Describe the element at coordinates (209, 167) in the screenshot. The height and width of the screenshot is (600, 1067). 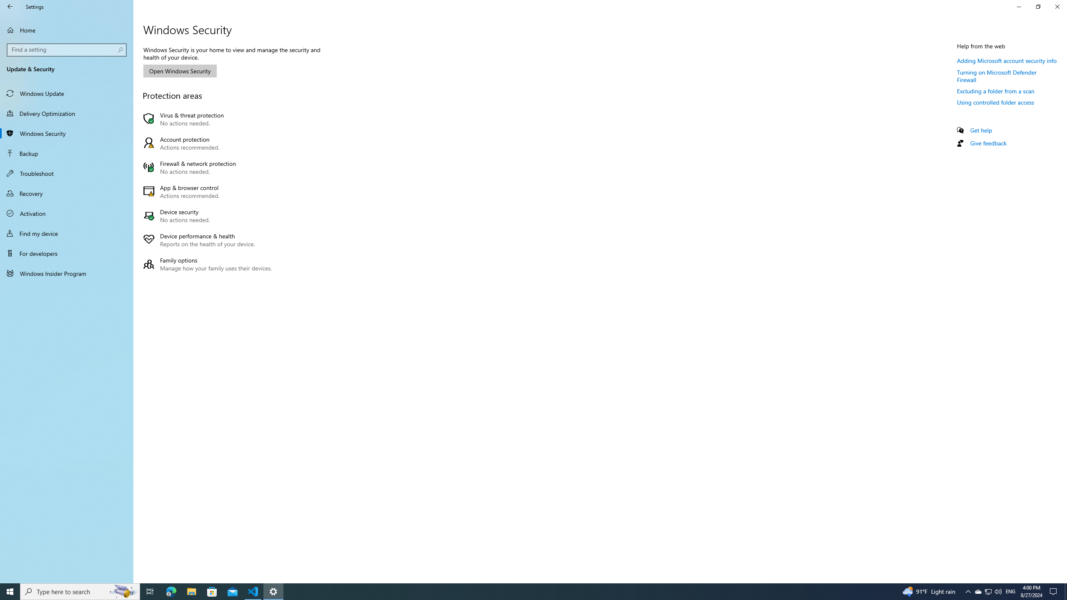
I see `'Firewall & network protection No actions needed.'` at that location.